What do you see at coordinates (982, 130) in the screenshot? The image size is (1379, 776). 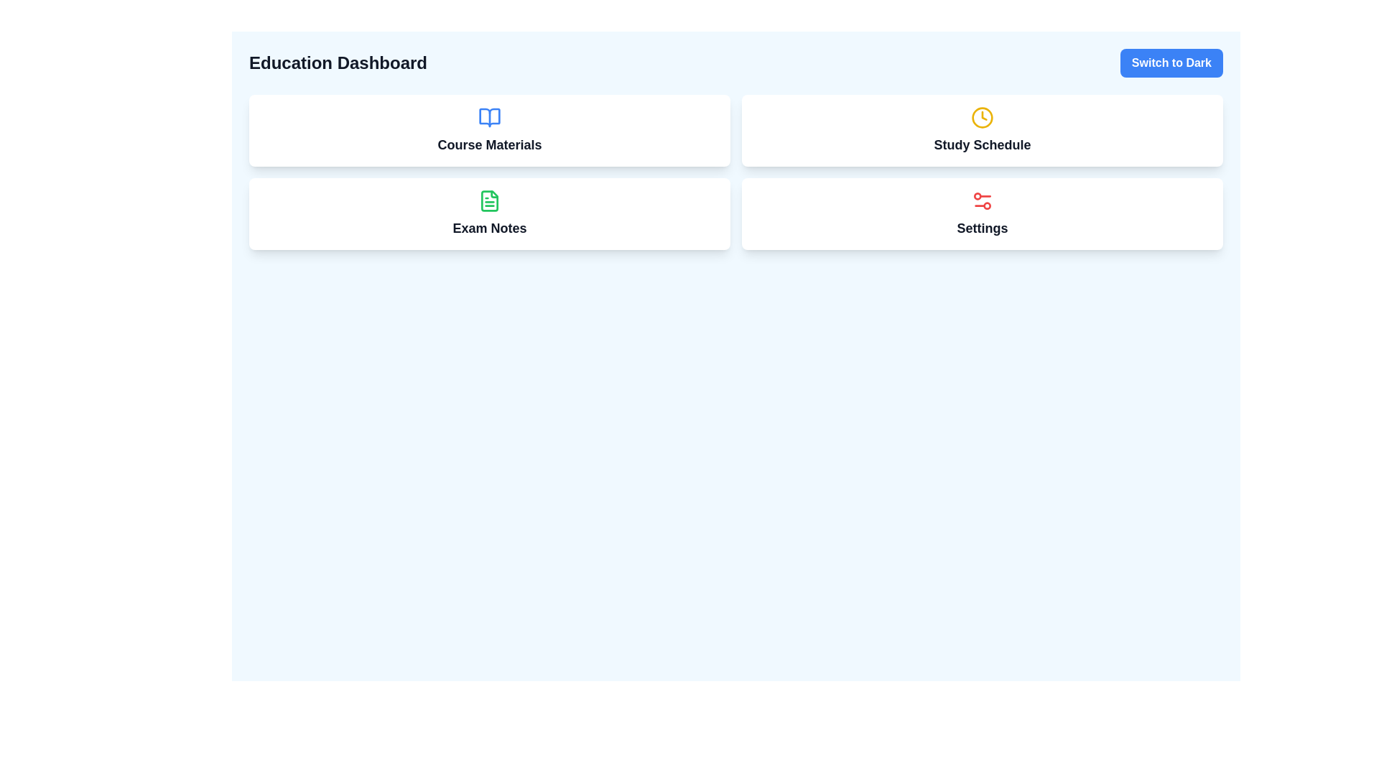 I see `the 'Study Schedule' section in the dashboard` at bounding box center [982, 130].